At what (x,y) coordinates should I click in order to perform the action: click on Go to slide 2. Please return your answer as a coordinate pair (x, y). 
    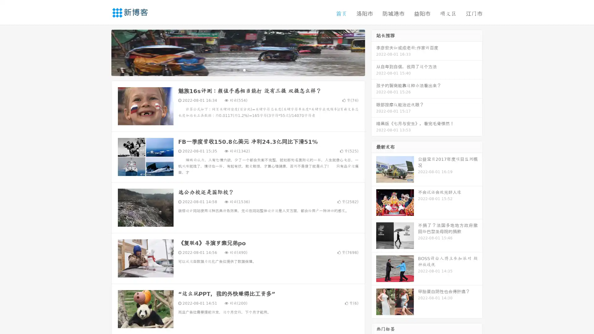
    Looking at the image, I should click on (238, 70).